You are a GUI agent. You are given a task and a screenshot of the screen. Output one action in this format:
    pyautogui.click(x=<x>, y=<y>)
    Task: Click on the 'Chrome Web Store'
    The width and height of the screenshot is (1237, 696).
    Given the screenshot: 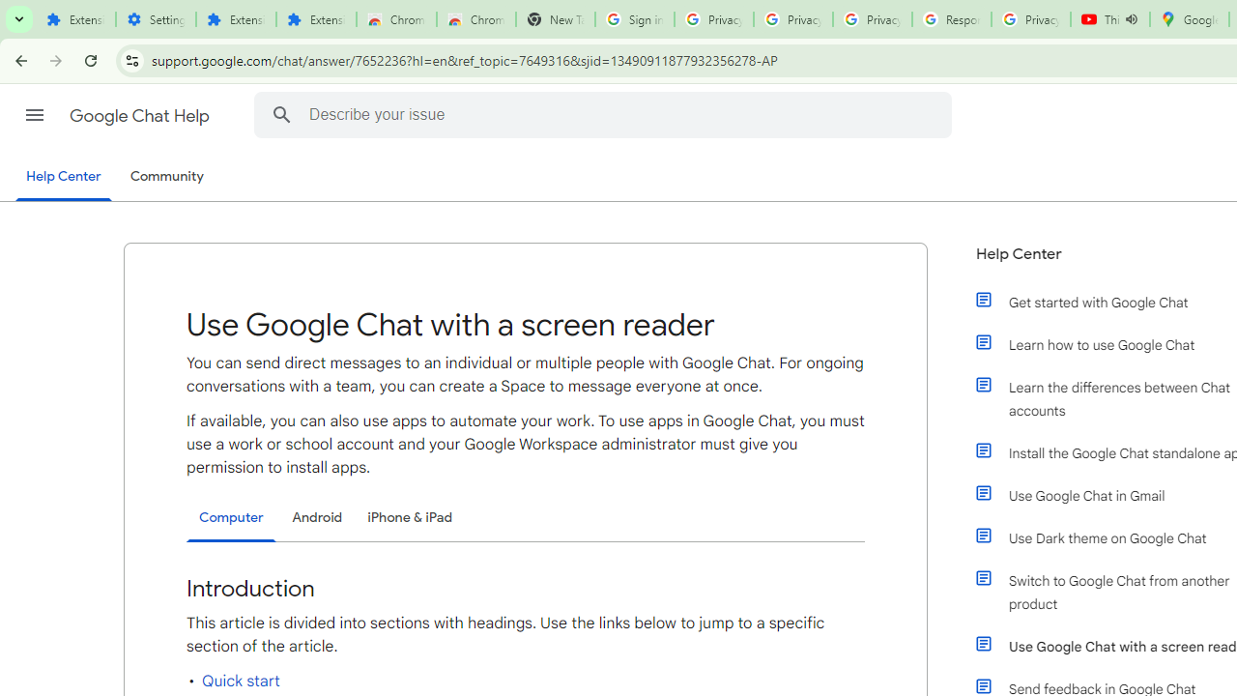 What is the action you would take?
    pyautogui.click(x=395, y=19)
    